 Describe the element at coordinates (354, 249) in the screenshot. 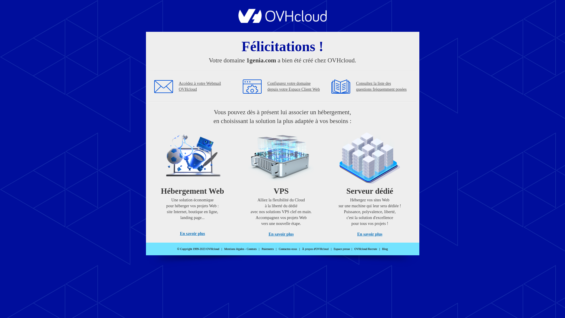

I see `'OVHcloud Recrute'` at that location.